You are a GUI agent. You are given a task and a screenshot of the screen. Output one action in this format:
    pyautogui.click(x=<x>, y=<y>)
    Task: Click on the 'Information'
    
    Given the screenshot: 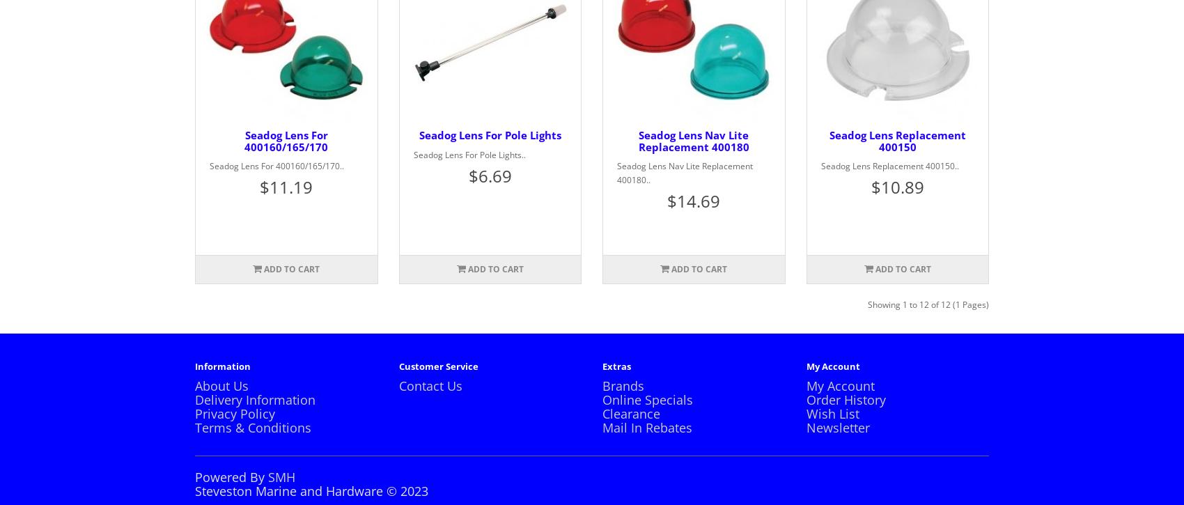 What is the action you would take?
    pyautogui.click(x=222, y=366)
    